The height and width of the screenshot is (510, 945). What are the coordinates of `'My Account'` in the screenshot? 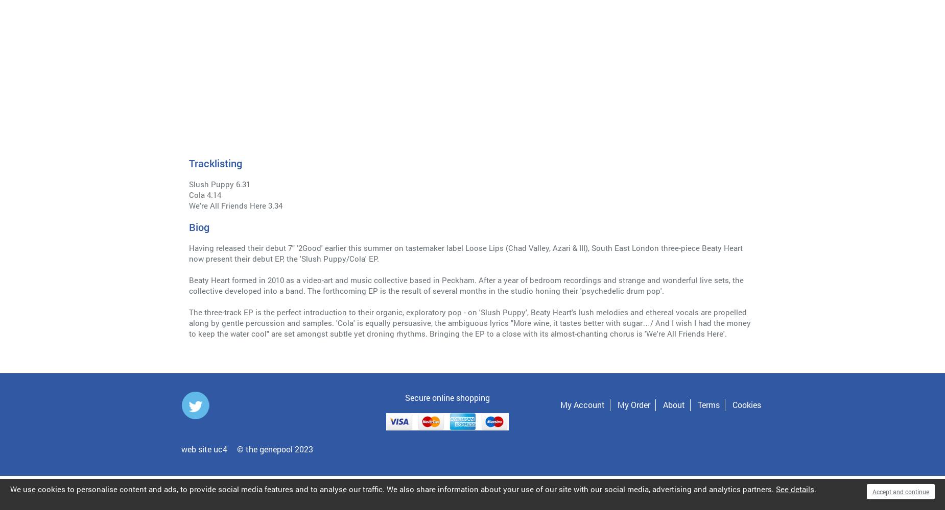 It's located at (560, 404).